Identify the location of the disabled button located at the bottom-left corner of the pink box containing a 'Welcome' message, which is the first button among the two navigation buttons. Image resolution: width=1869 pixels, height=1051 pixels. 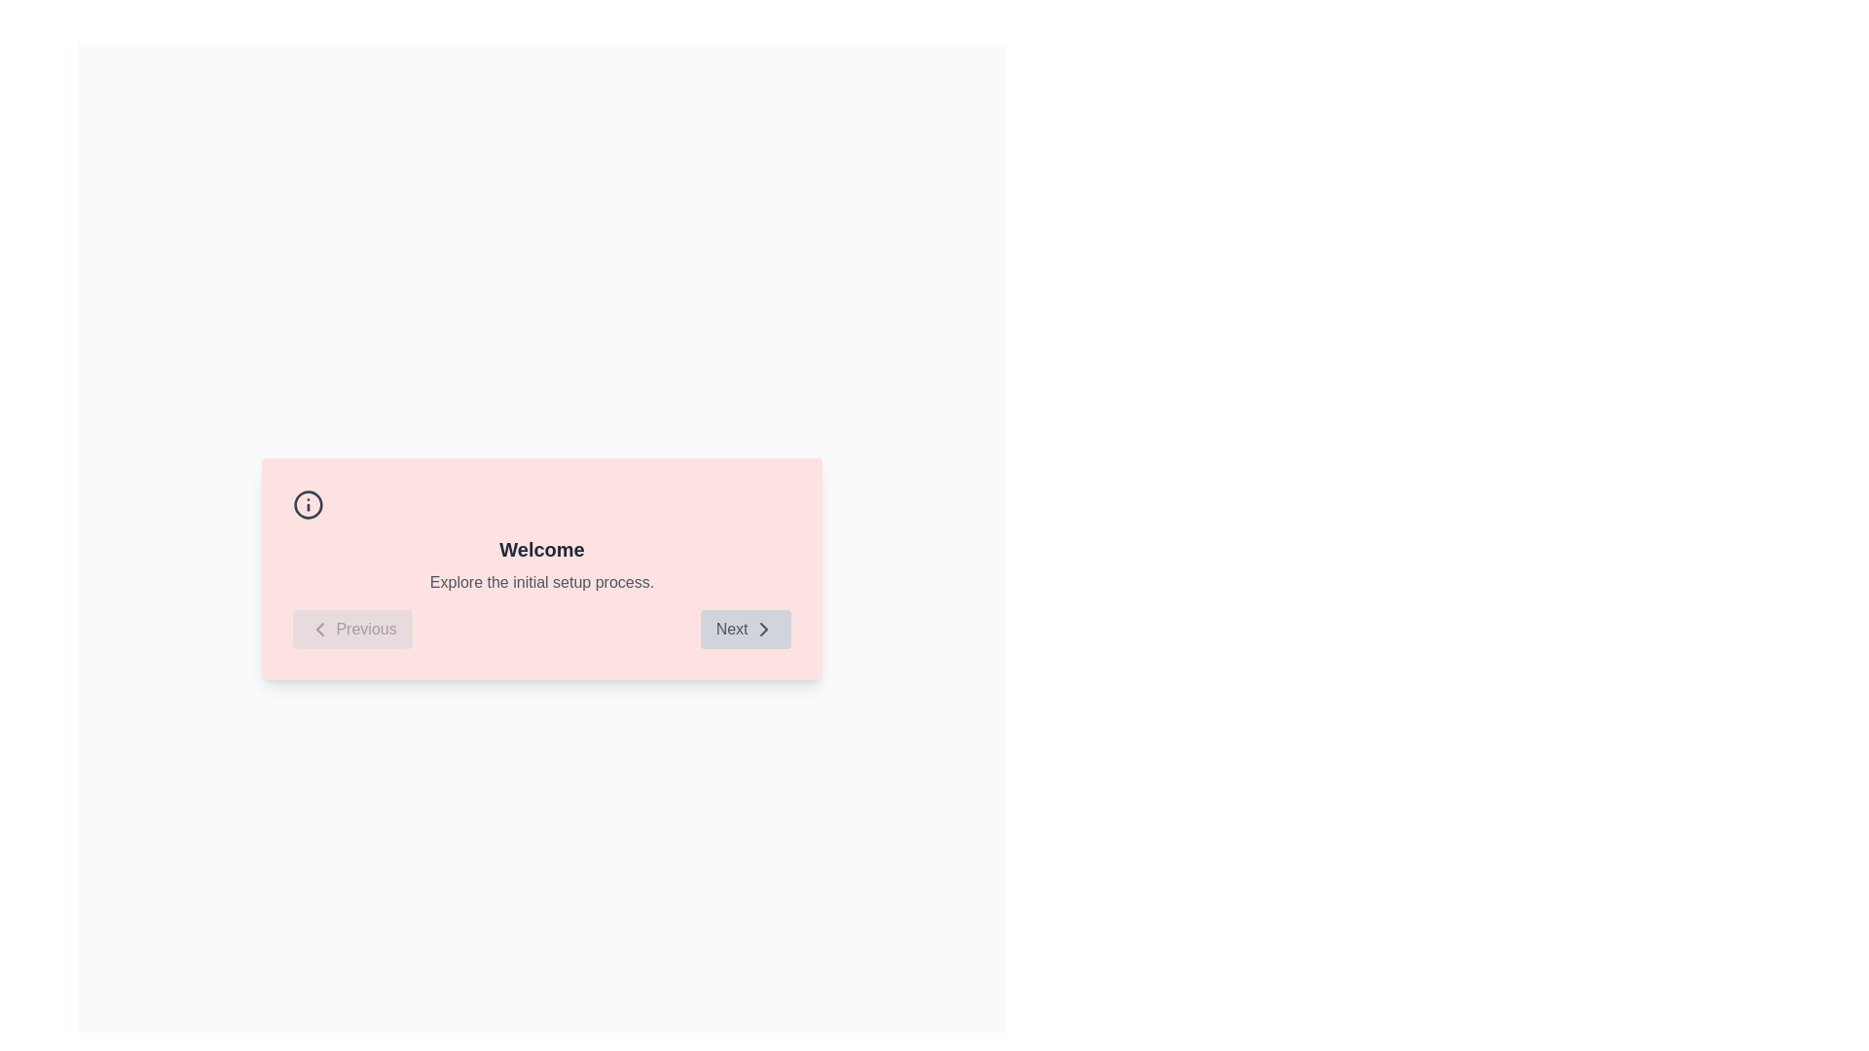
(352, 630).